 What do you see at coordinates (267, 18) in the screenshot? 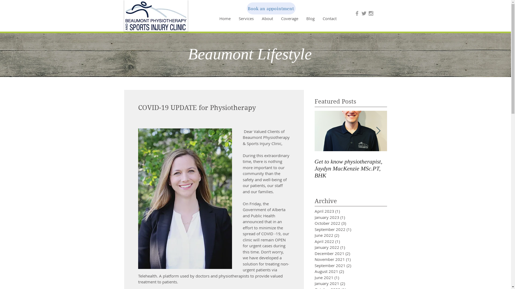
I see `'About'` at bounding box center [267, 18].